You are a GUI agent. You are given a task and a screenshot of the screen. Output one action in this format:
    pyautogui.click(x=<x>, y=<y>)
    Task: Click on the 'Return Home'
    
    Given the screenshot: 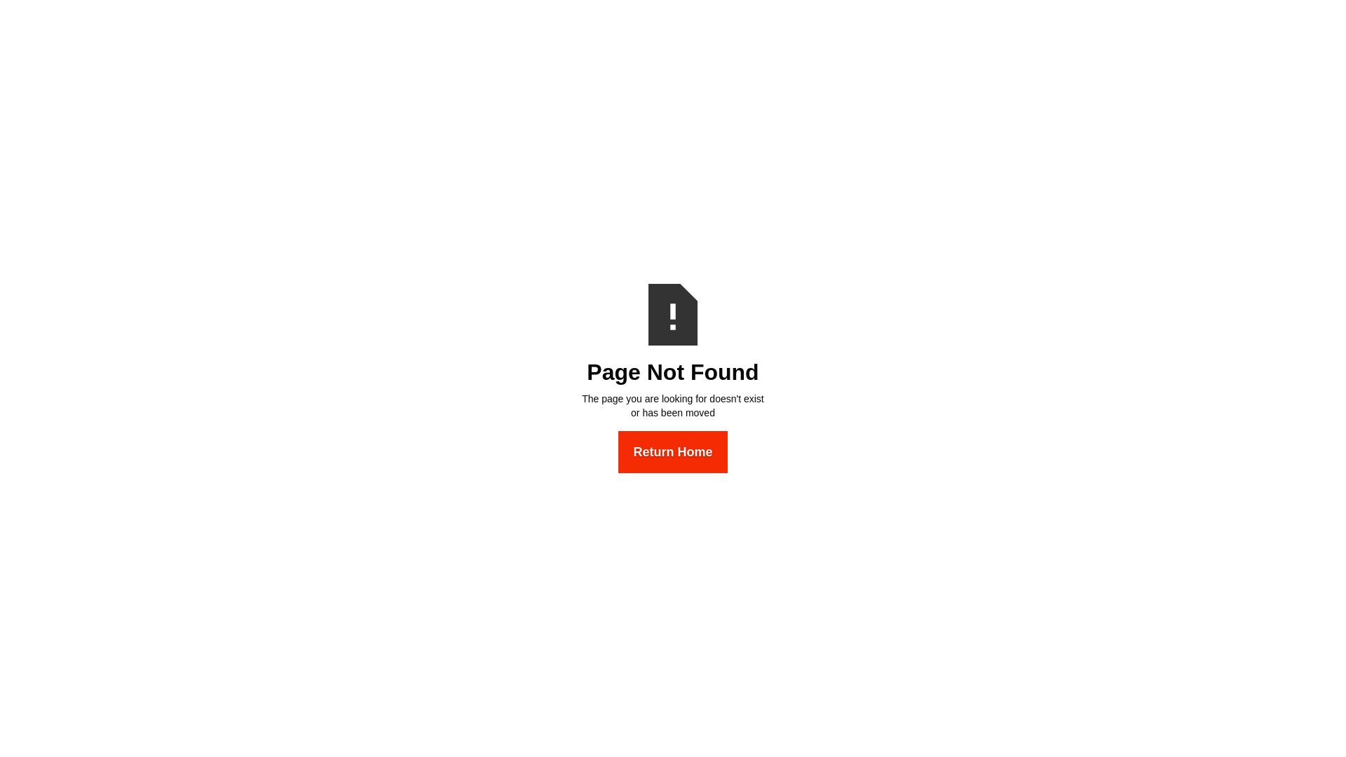 What is the action you would take?
    pyautogui.click(x=672, y=451)
    